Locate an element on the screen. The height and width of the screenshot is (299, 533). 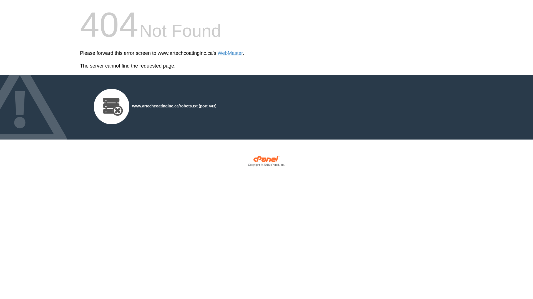
'WebMaster' is located at coordinates (230, 53).